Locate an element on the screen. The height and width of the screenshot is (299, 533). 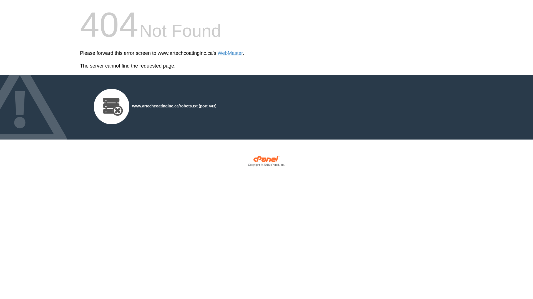
'WebMaster' is located at coordinates (230, 53).